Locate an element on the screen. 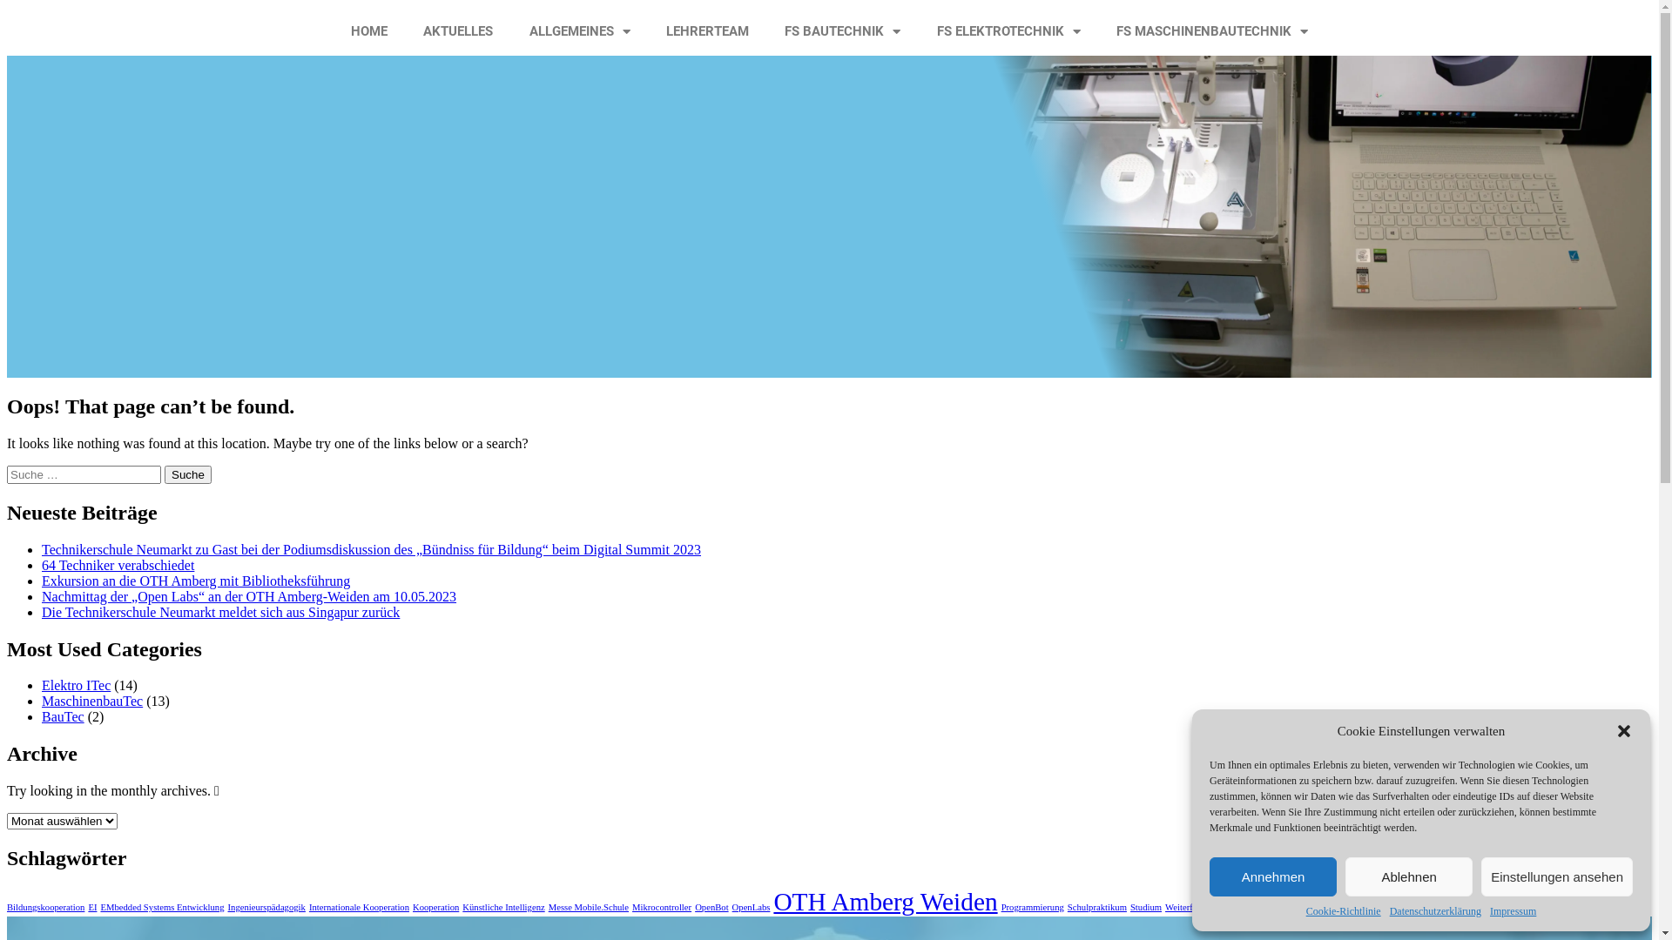  'Cookie-Richtlinie' is located at coordinates (1342, 910).